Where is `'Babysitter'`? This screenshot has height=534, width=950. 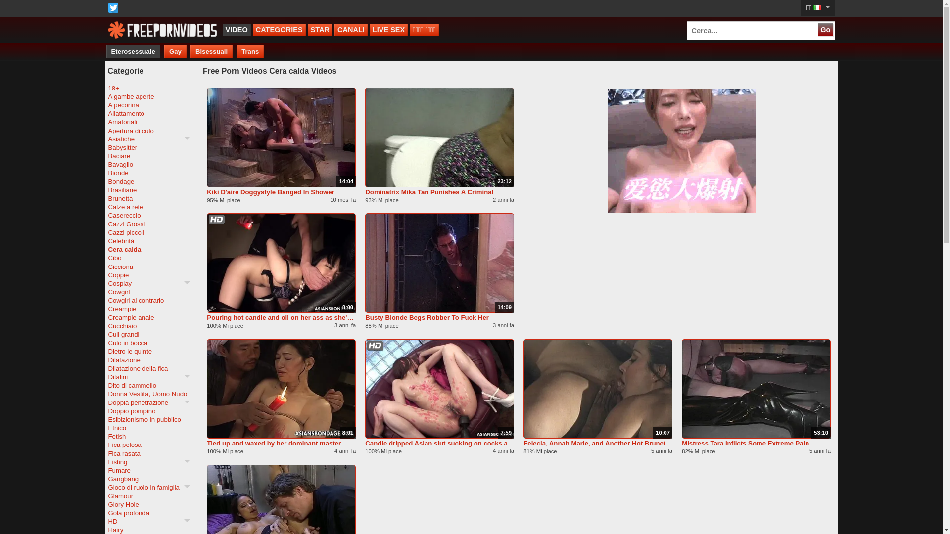
'Babysitter' is located at coordinates (107, 147).